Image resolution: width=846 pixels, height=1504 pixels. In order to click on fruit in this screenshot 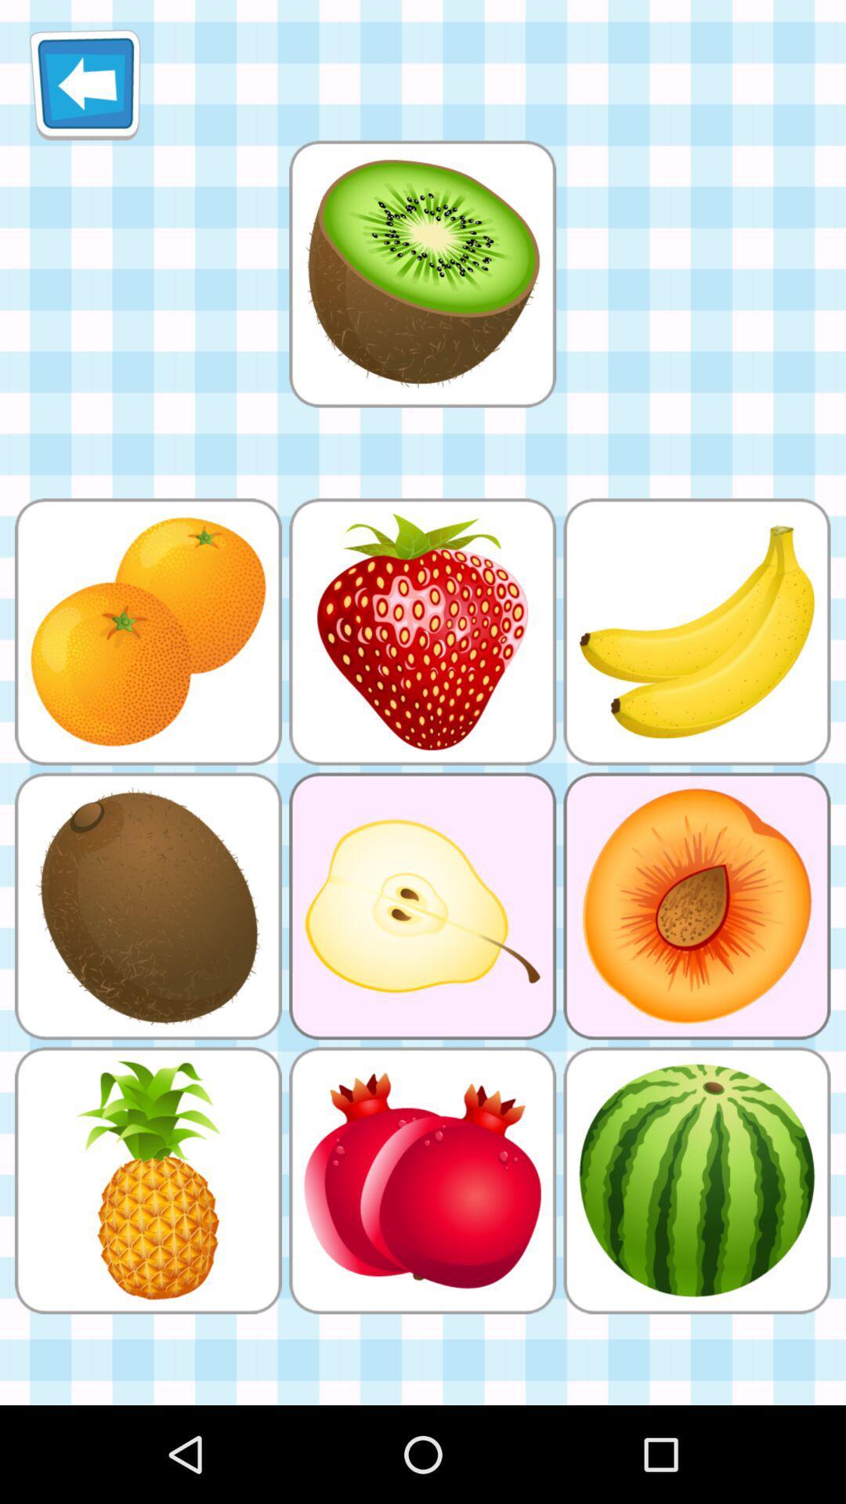, I will do `click(421, 273)`.